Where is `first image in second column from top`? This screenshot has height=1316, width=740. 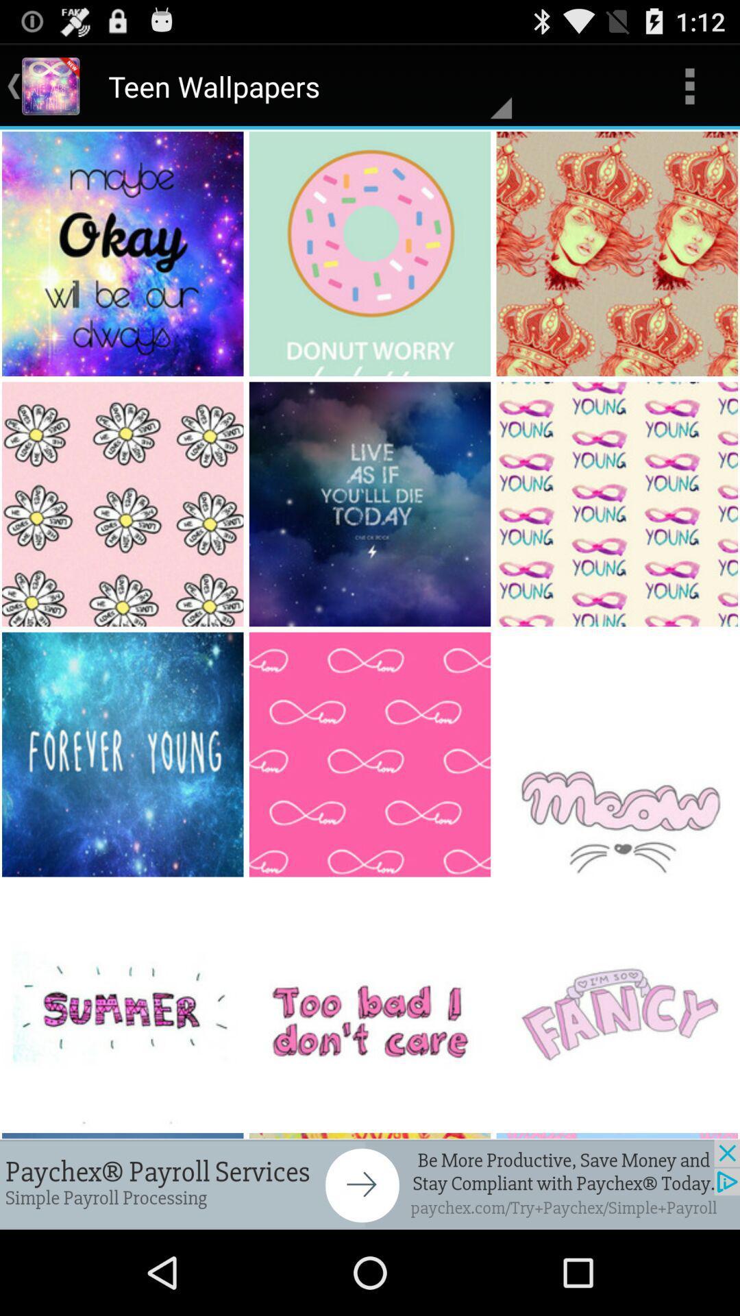 first image in second column from top is located at coordinates (371, 254).